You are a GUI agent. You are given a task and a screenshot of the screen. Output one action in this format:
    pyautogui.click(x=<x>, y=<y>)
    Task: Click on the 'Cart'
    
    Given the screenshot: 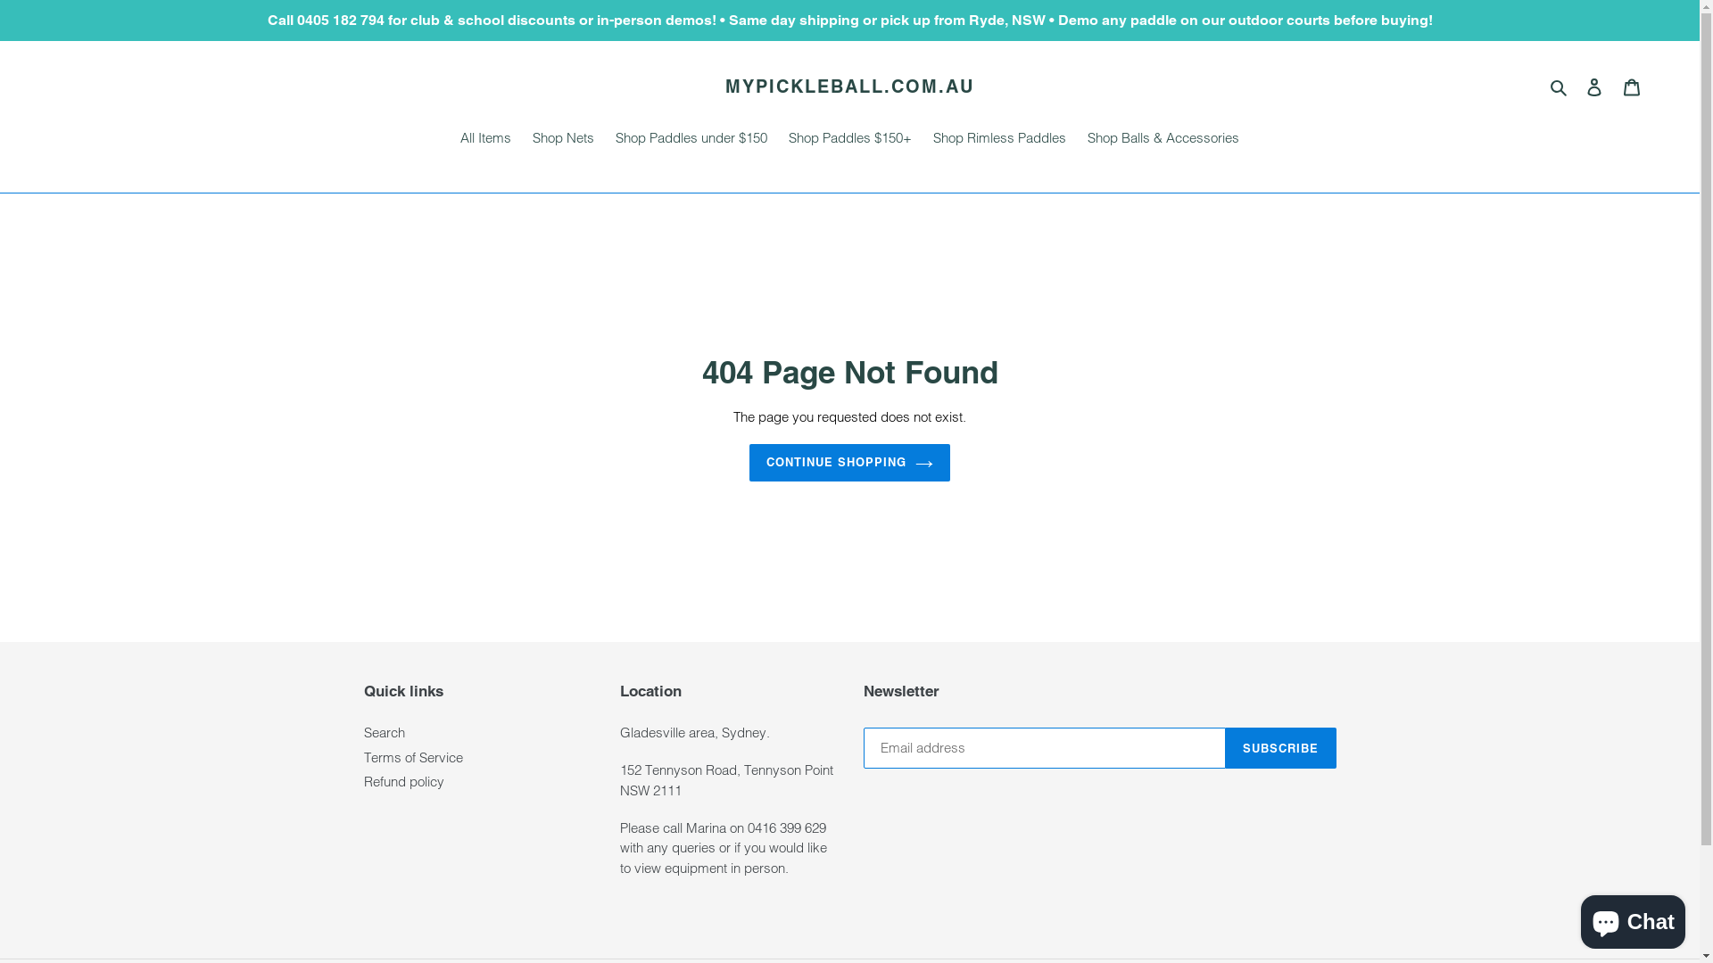 What is the action you would take?
    pyautogui.click(x=1631, y=86)
    